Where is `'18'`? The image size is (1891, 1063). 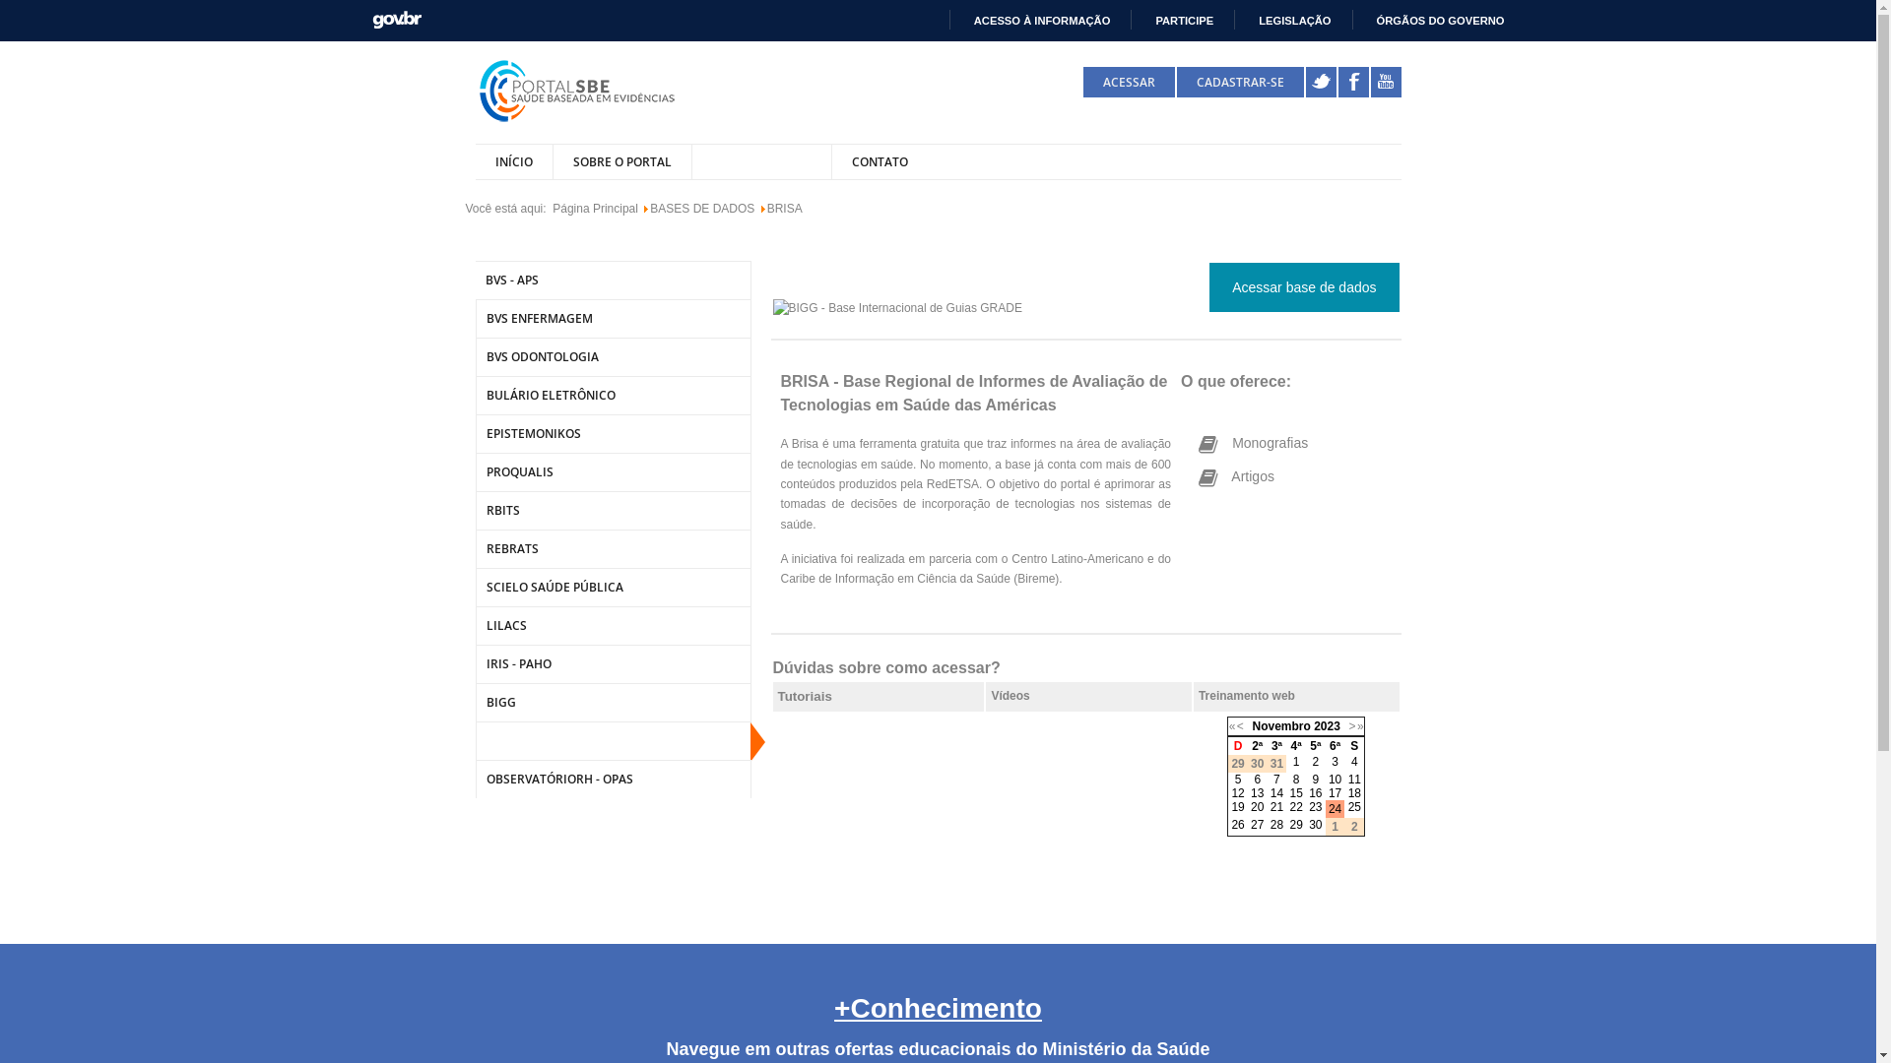 '18' is located at coordinates (1353, 792).